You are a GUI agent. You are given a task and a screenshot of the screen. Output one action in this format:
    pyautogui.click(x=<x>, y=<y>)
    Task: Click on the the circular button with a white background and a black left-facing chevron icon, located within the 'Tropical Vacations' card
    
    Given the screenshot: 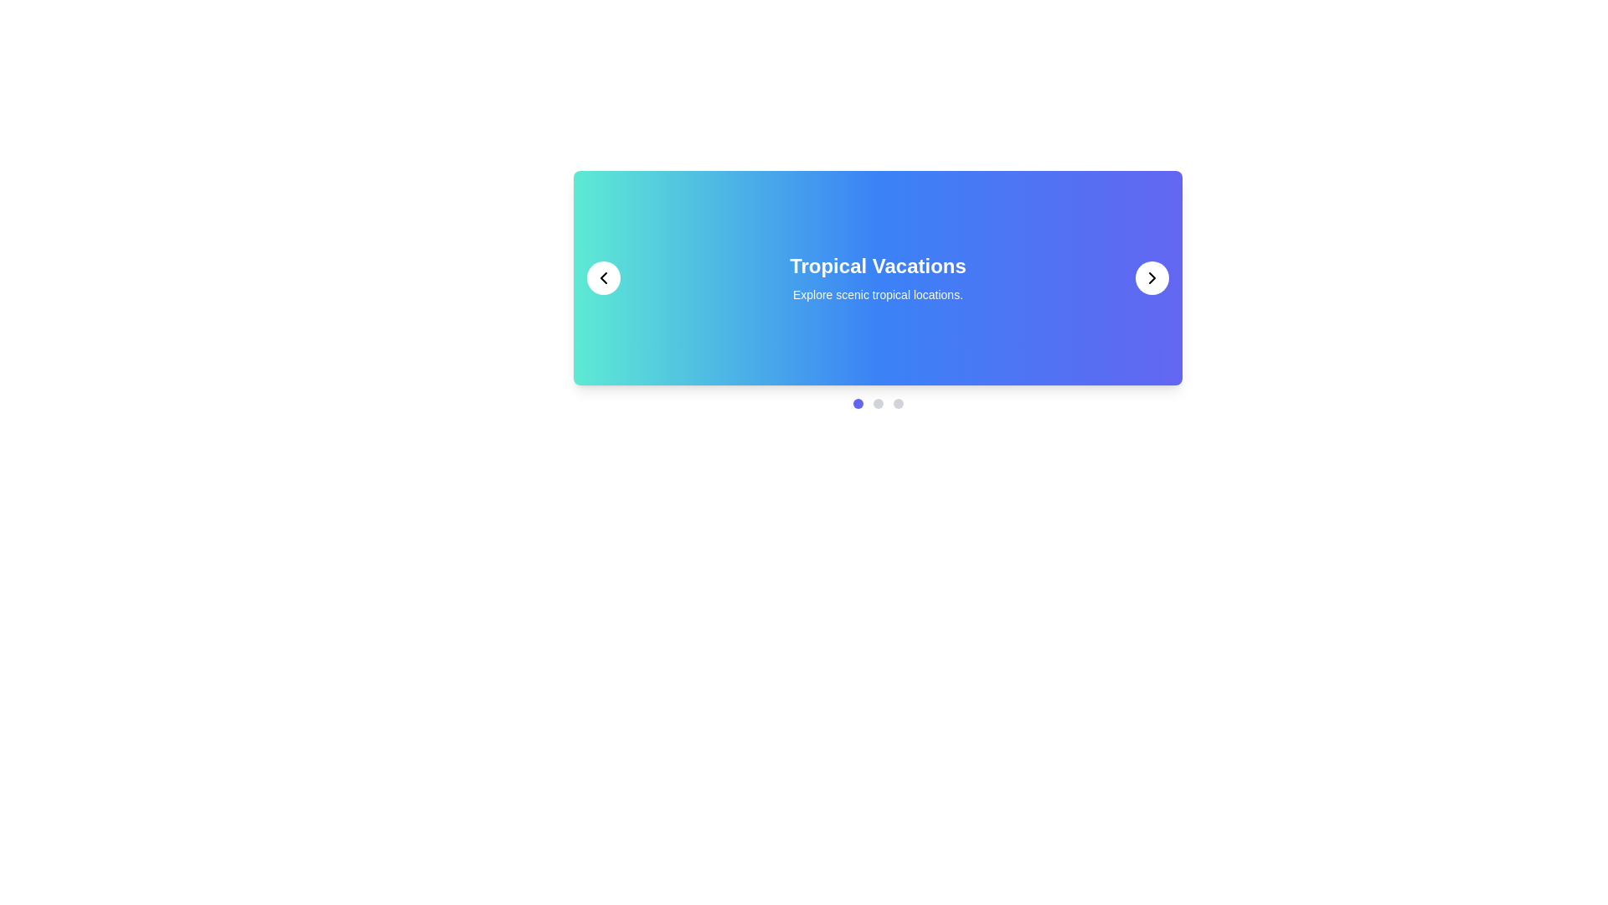 What is the action you would take?
    pyautogui.click(x=603, y=277)
    